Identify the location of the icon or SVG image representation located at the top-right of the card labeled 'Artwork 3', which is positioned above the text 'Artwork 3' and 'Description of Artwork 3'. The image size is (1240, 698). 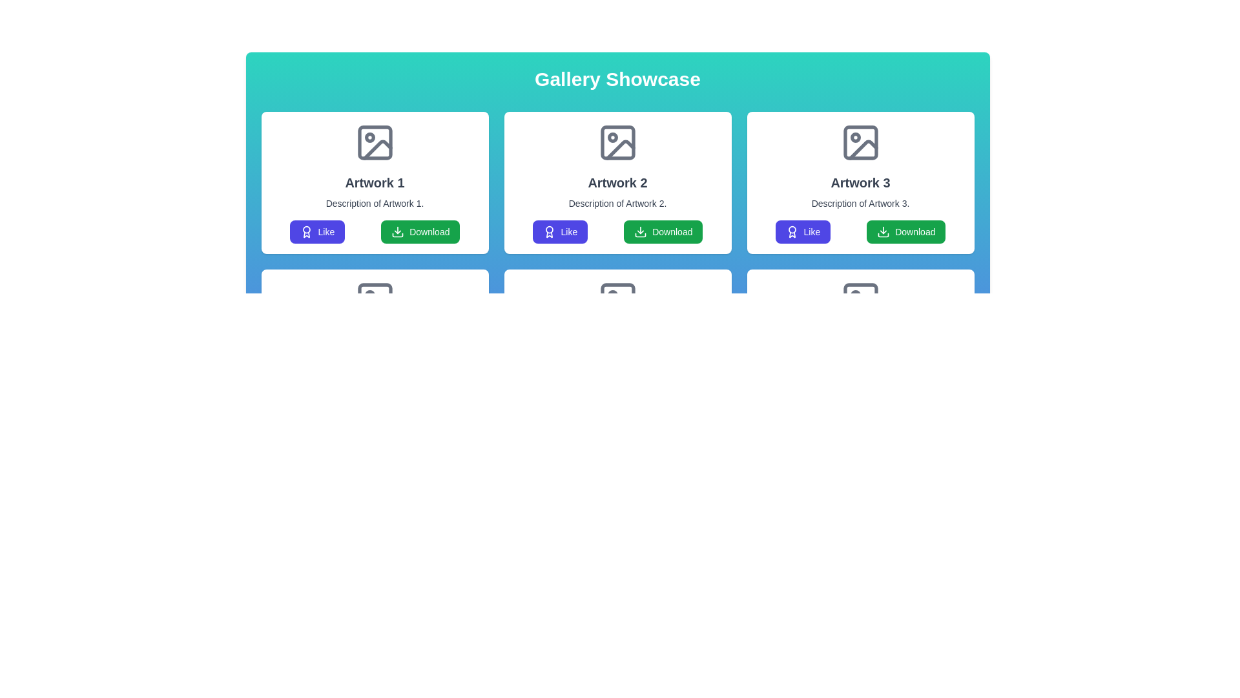
(860, 142).